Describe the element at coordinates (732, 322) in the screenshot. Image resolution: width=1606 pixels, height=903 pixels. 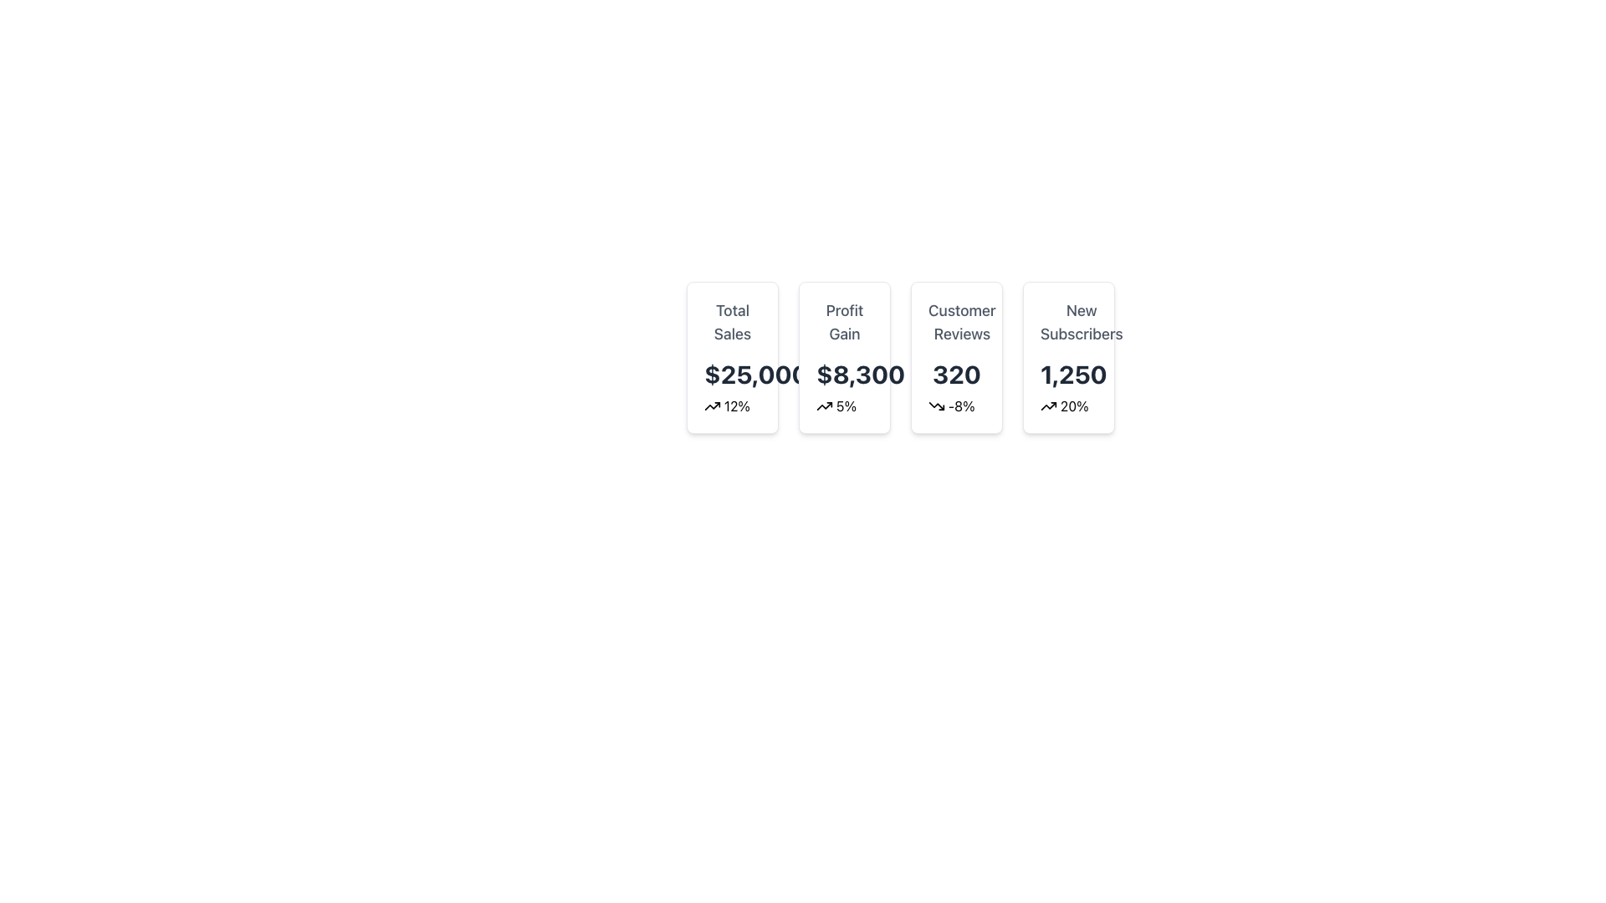
I see `the 'Total Sales' text label located at the top of the first card on the left, which is displayed in a medium-sized gray font` at that location.